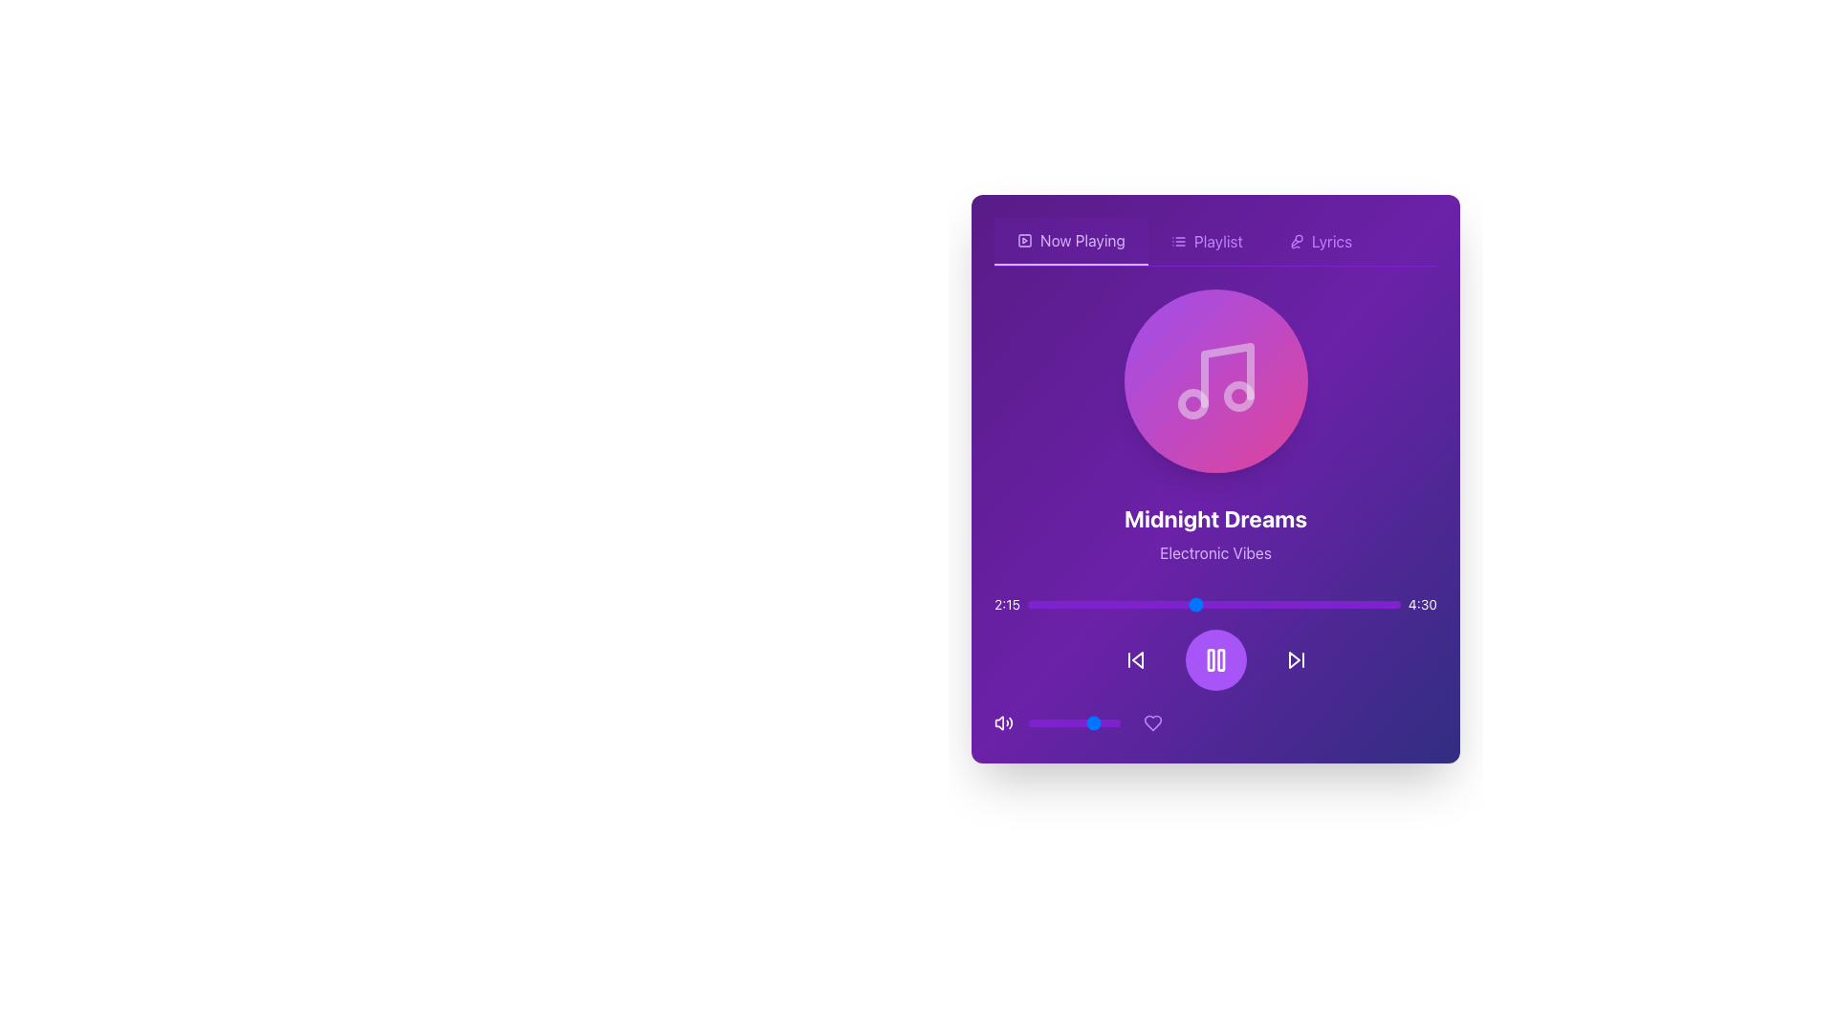  I want to click on second line of text that serves as a subtitle or description below the main title 'Midnight Dreams', which is located near the center of the interface within a purple rectangle, so click(1214, 552).